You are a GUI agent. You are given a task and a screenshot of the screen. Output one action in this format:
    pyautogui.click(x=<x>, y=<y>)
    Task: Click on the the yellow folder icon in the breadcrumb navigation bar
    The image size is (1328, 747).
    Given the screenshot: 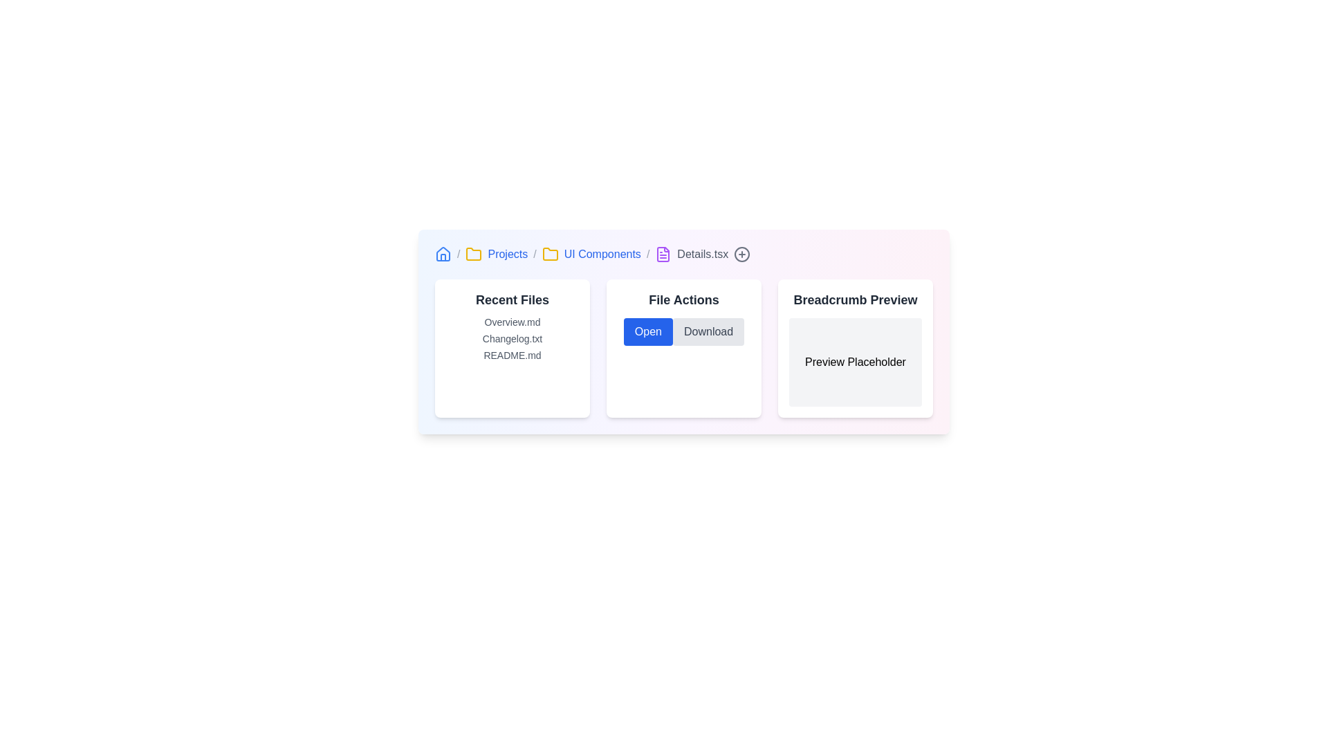 What is the action you would take?
    pyautogui.click(x=474, y=254)
    